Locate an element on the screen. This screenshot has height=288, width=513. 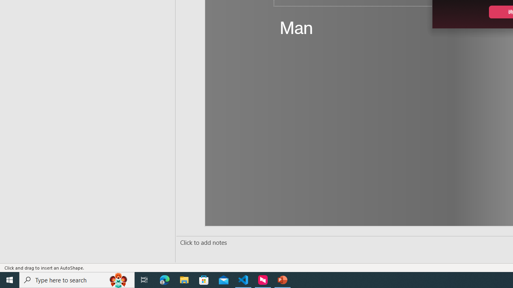
'Microsoft Edge' is located at coordinates (164, 279).